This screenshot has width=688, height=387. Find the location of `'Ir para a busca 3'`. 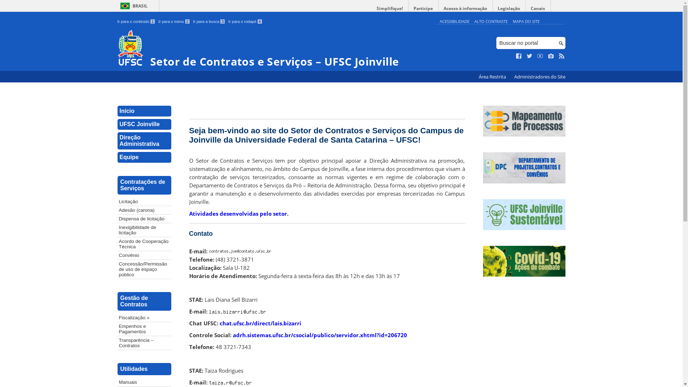

'Ir para a busca 3' is located at coordinates (209, 21).